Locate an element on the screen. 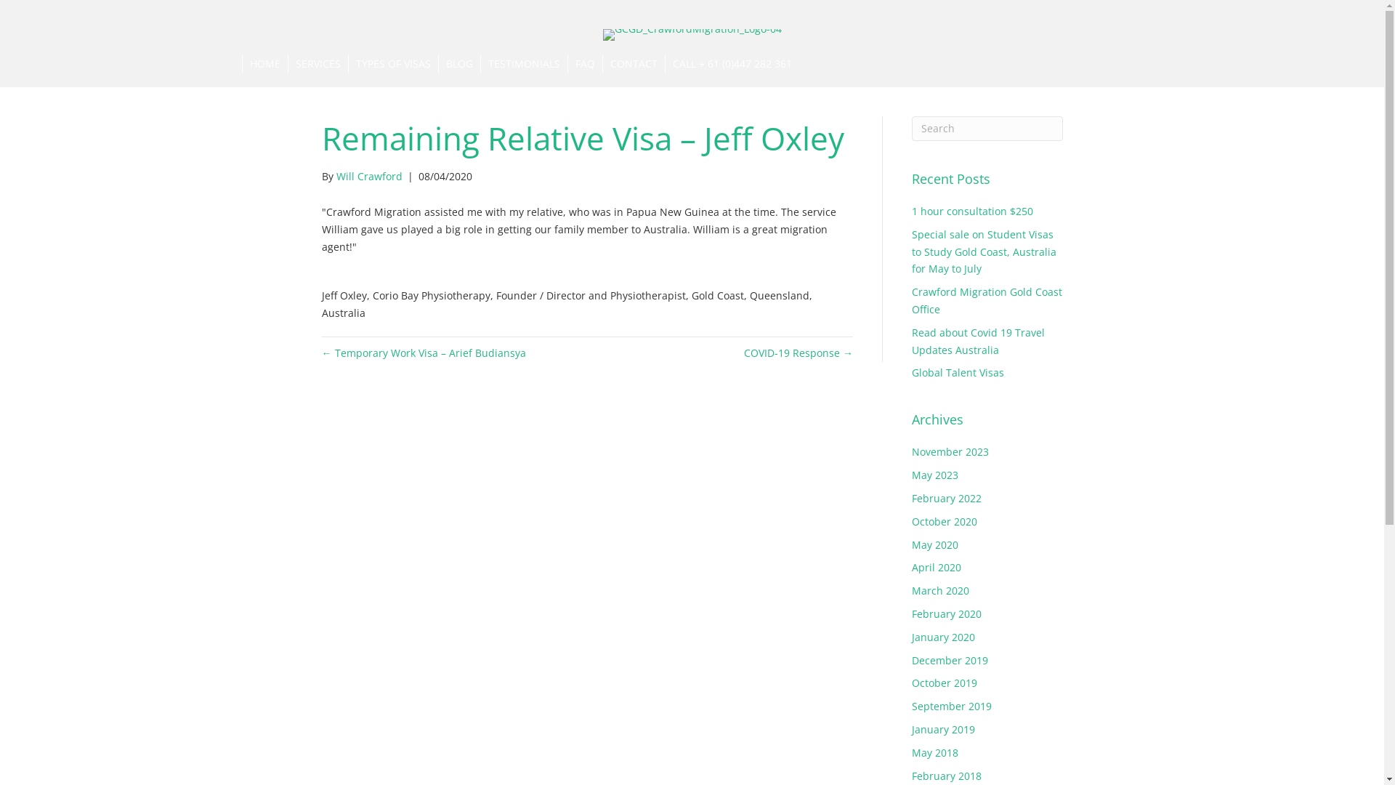  'Will Crawford' is located at coordinates (368, 175).